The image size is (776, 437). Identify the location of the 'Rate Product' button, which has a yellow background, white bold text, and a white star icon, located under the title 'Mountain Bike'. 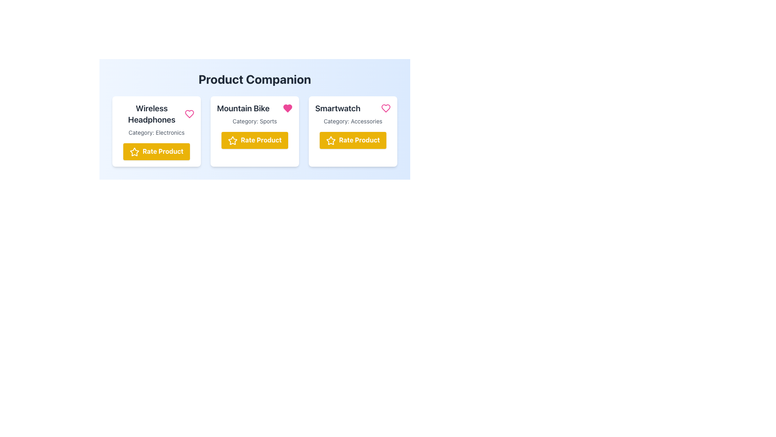
(254, 140).